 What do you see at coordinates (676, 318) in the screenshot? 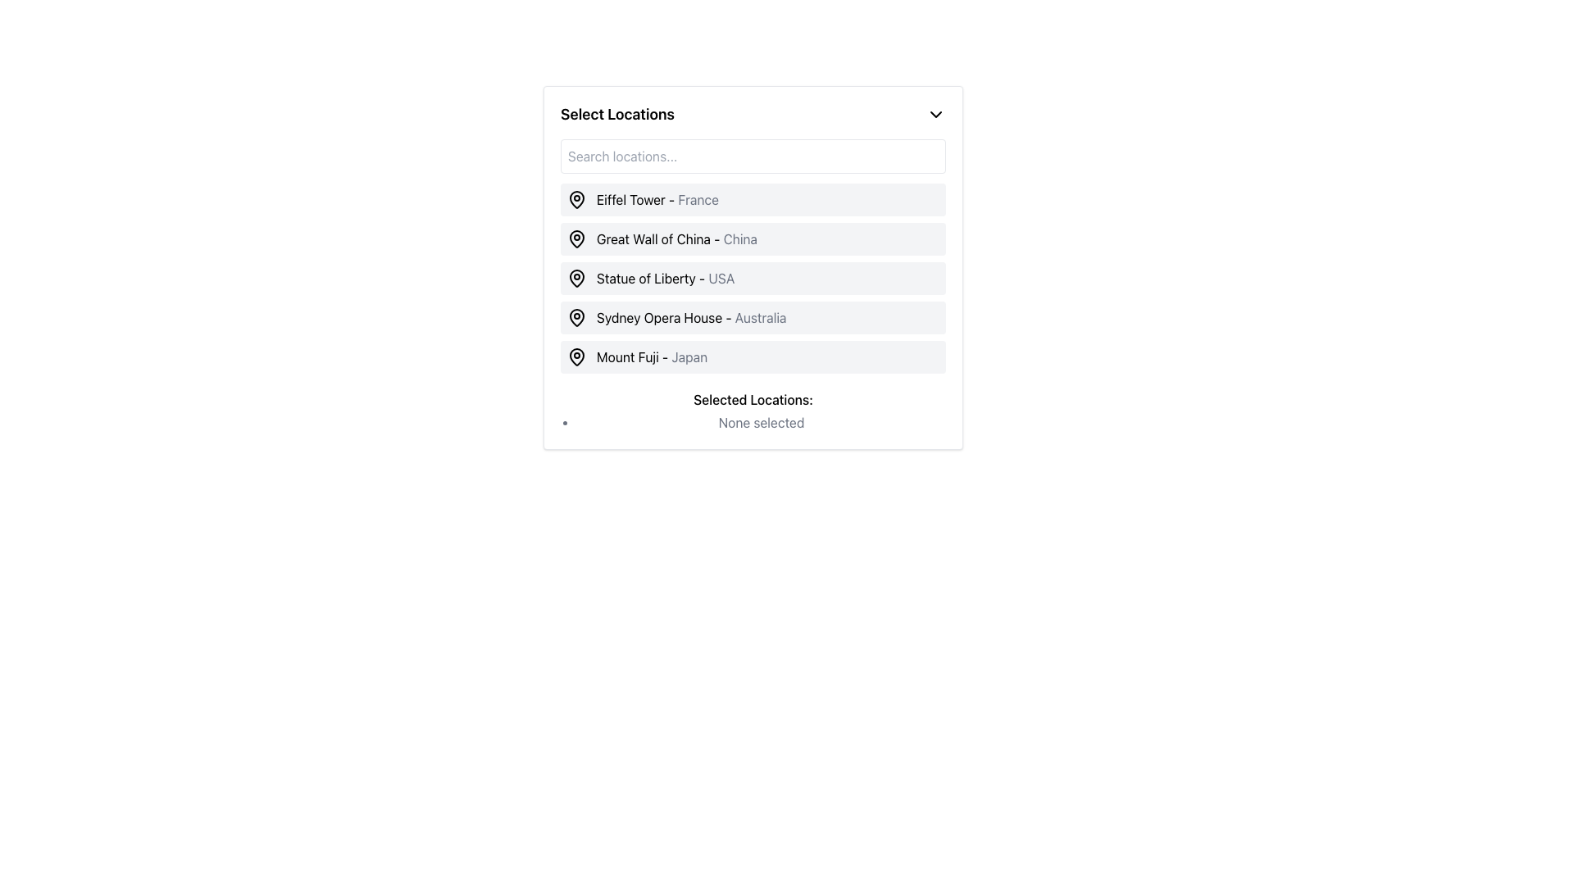
I see `the list item representing the Sydney Opera House, which is the fourth item in a vertical list of selectable locations` at bounding box center [676, 318].